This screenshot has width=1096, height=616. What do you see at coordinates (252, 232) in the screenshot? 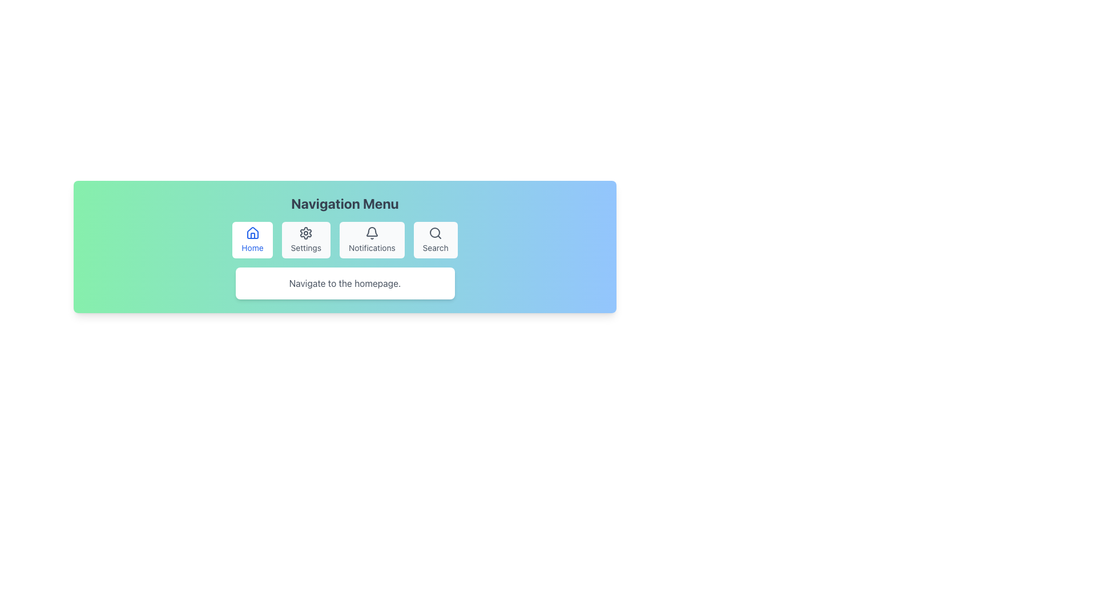
I see `the 'Home' icon located in the navigation menu` at bounding box center [252, 232].